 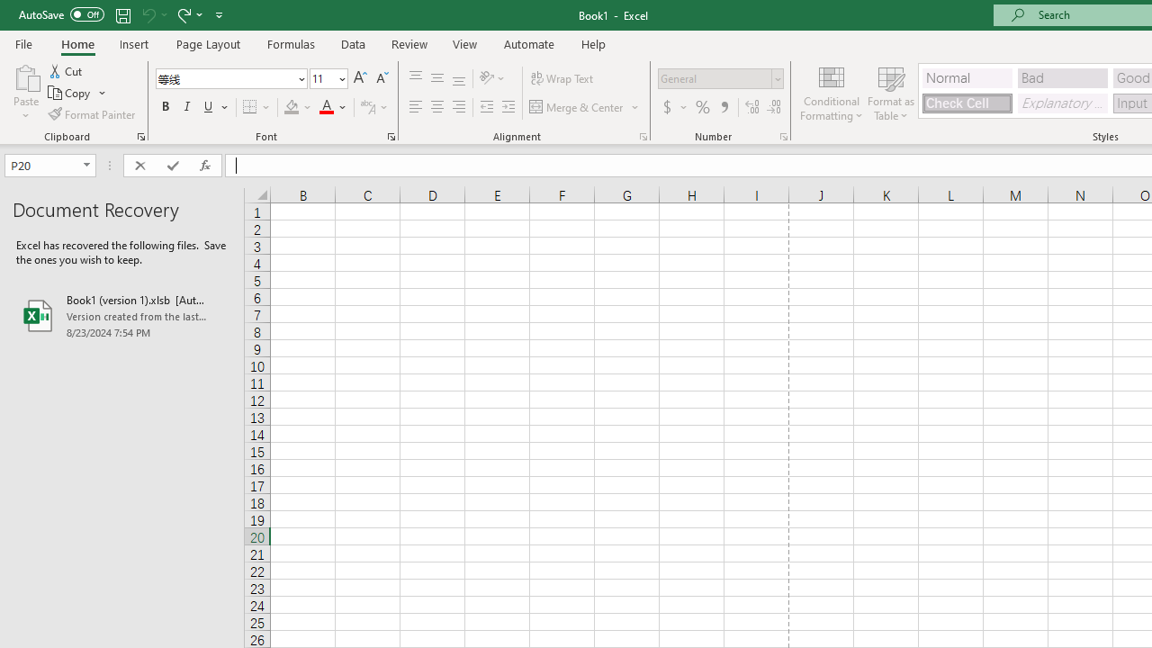 What do you see at coordinates (366, 107) in the screenshot?
I see `'Show Phonetic Field'` at bounding box center [366, 107].